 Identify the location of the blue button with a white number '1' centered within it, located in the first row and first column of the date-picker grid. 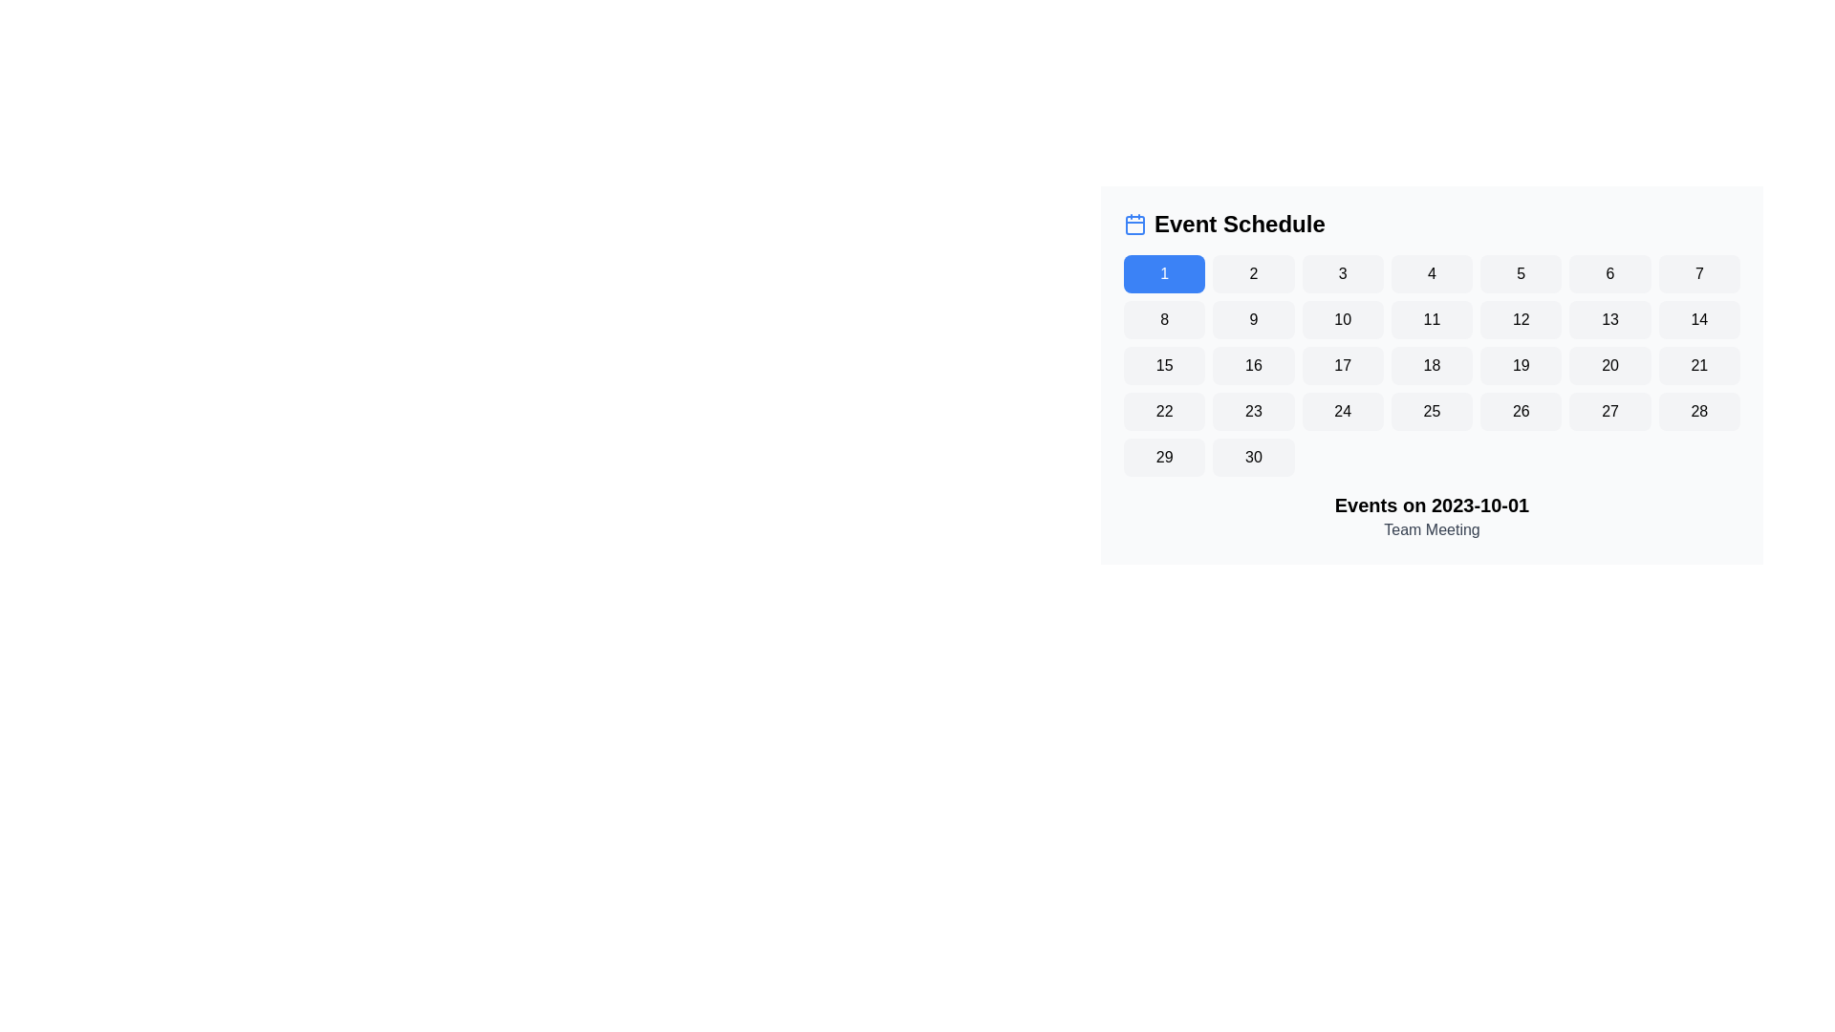
(1163, 273).